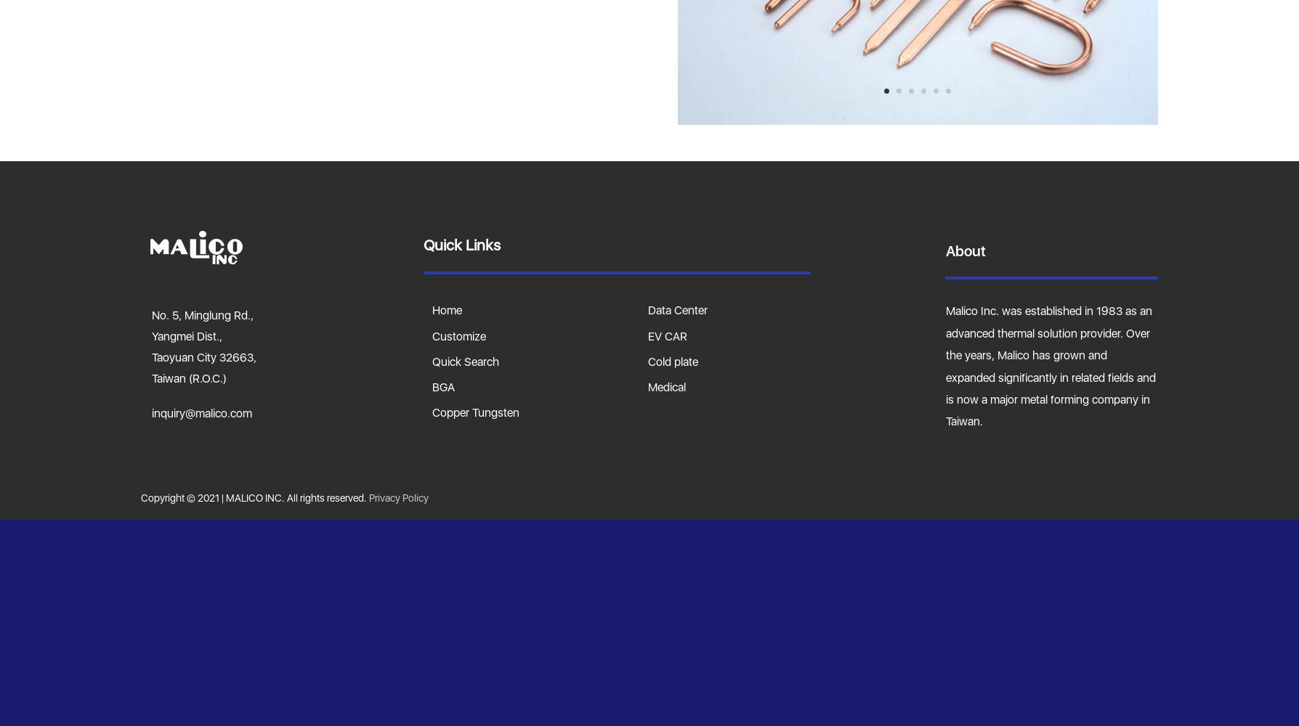 This screenshot has width=1299, height=726. I want to click on 'inquiry@malico.com', so click(150, 412).